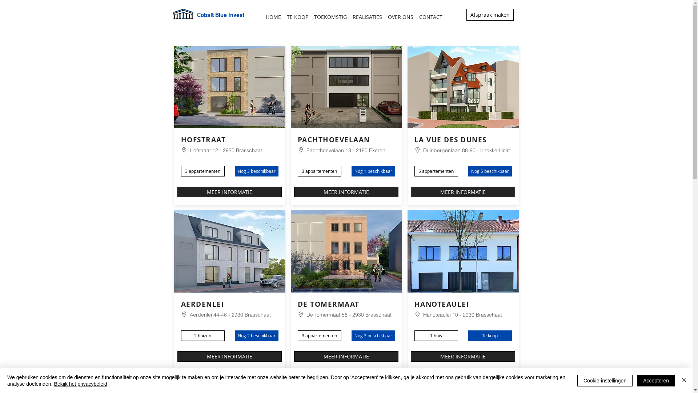 Image resolution: width=698 pixels, height=393 pixels. What do you see at coordinates (431, 13) in the screenshot?
I see `'CONTACT'` at bounding box center [431, 13].